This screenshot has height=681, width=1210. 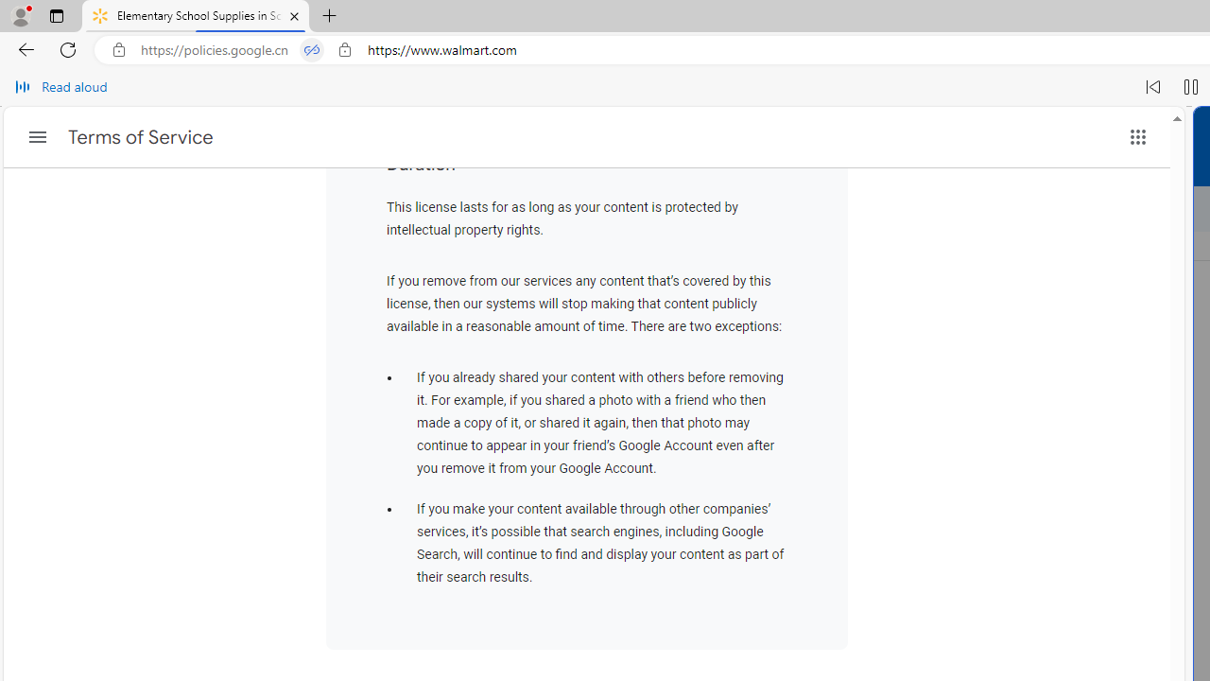 I want to click on 'Read previous paragraph', so click(x=1152, y=87).